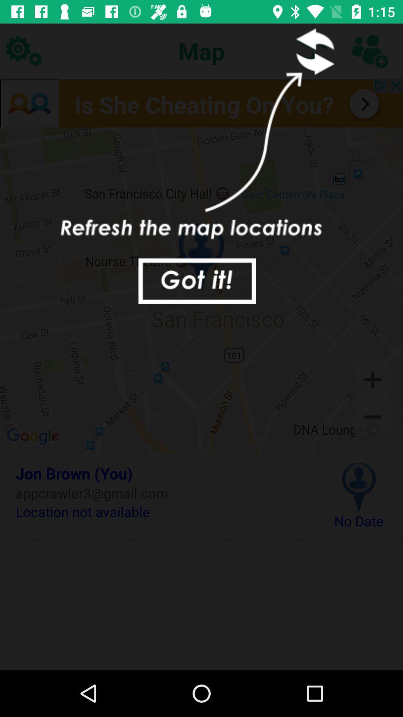 Image resolution: width=403 pixels, height=717 pixels. What do you see at coordinates (369, 50) in the screenshot?
I see `contact` at bounding box center [369, 50].